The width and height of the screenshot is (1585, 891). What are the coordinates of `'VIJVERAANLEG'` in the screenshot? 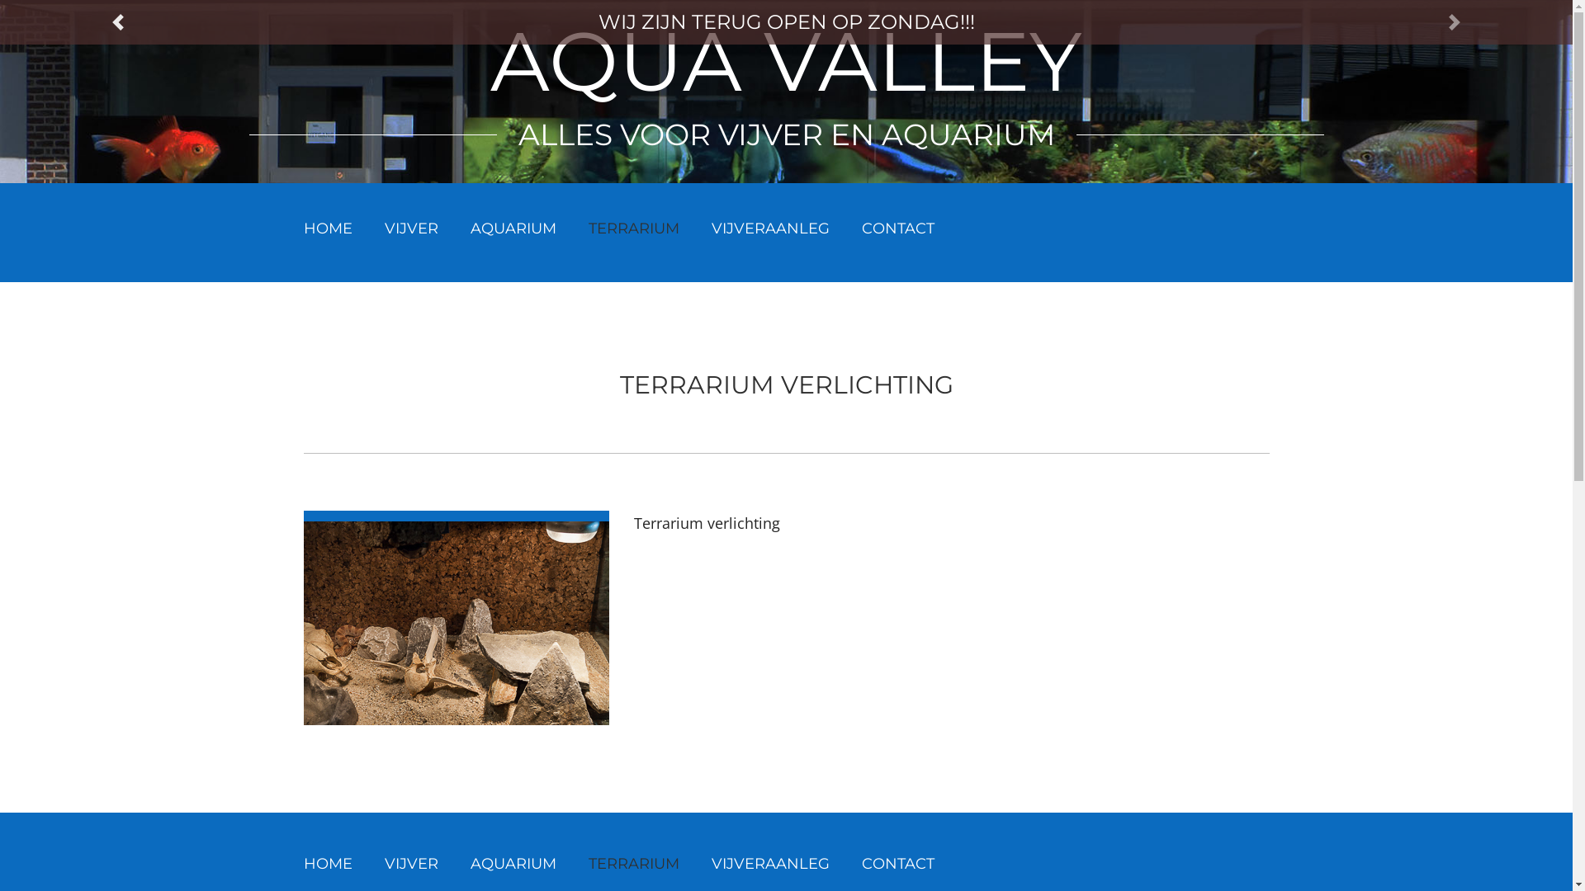 It's located at (769, 229).